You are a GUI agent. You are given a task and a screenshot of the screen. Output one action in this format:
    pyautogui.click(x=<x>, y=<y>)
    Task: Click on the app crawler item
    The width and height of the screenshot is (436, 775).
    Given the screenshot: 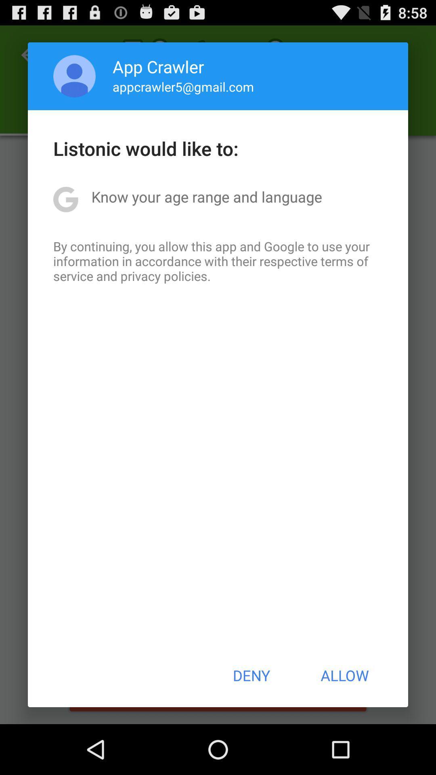 What is the action you would take?
    pyautogui.click(x=158, y=66)
    